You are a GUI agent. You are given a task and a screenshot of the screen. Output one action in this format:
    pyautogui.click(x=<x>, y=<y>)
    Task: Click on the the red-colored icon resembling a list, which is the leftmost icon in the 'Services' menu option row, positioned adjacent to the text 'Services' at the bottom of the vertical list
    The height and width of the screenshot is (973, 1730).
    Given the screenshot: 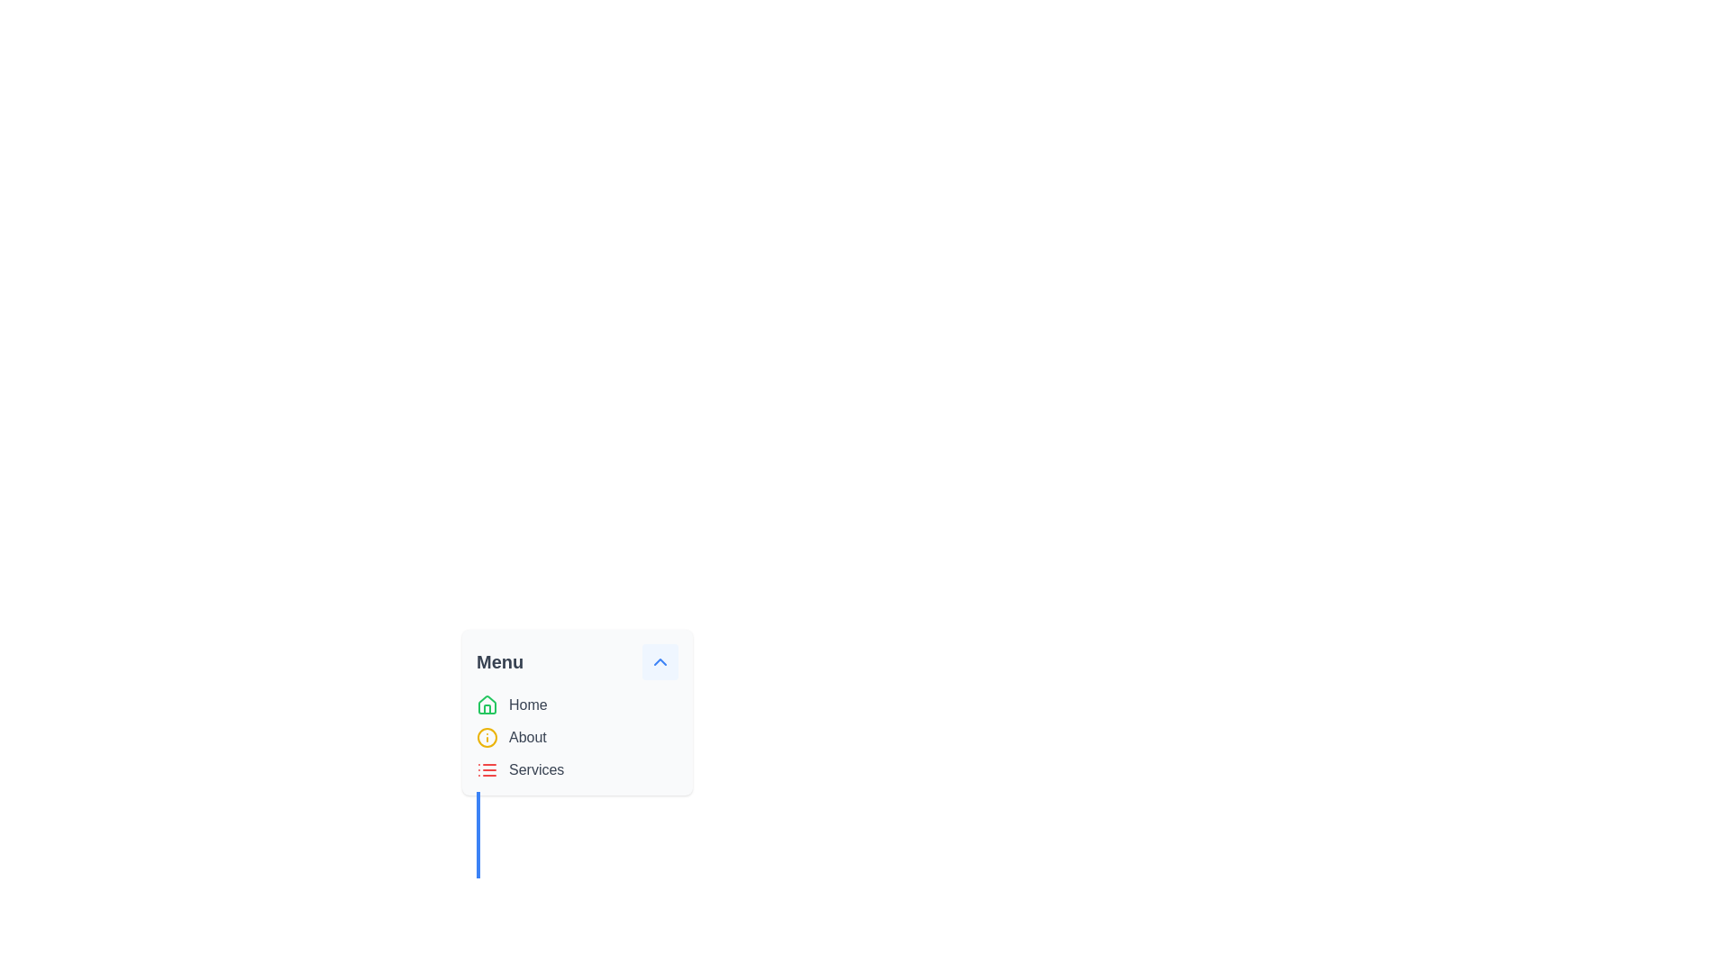 What is the action you would take?
    pyautogui.click(x=487, y=770)
    